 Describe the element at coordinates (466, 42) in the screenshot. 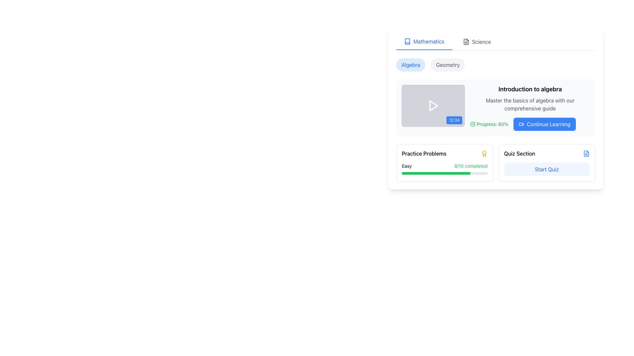

I see `the 'Science' icon located in the header section, adjacent to the text 'Science' and following 'Mathematics'` at that location.